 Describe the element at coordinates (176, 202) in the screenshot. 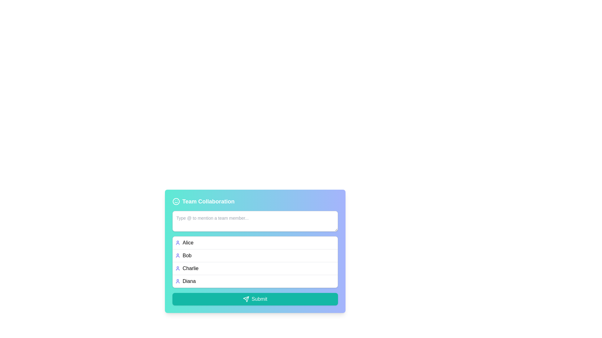

I see `the decorative icon representing the 'Team Collaboration' feature, which is positioned at the leftmost edge of a horizontal alignment next to the text 'Team Collaboration'` at that location.